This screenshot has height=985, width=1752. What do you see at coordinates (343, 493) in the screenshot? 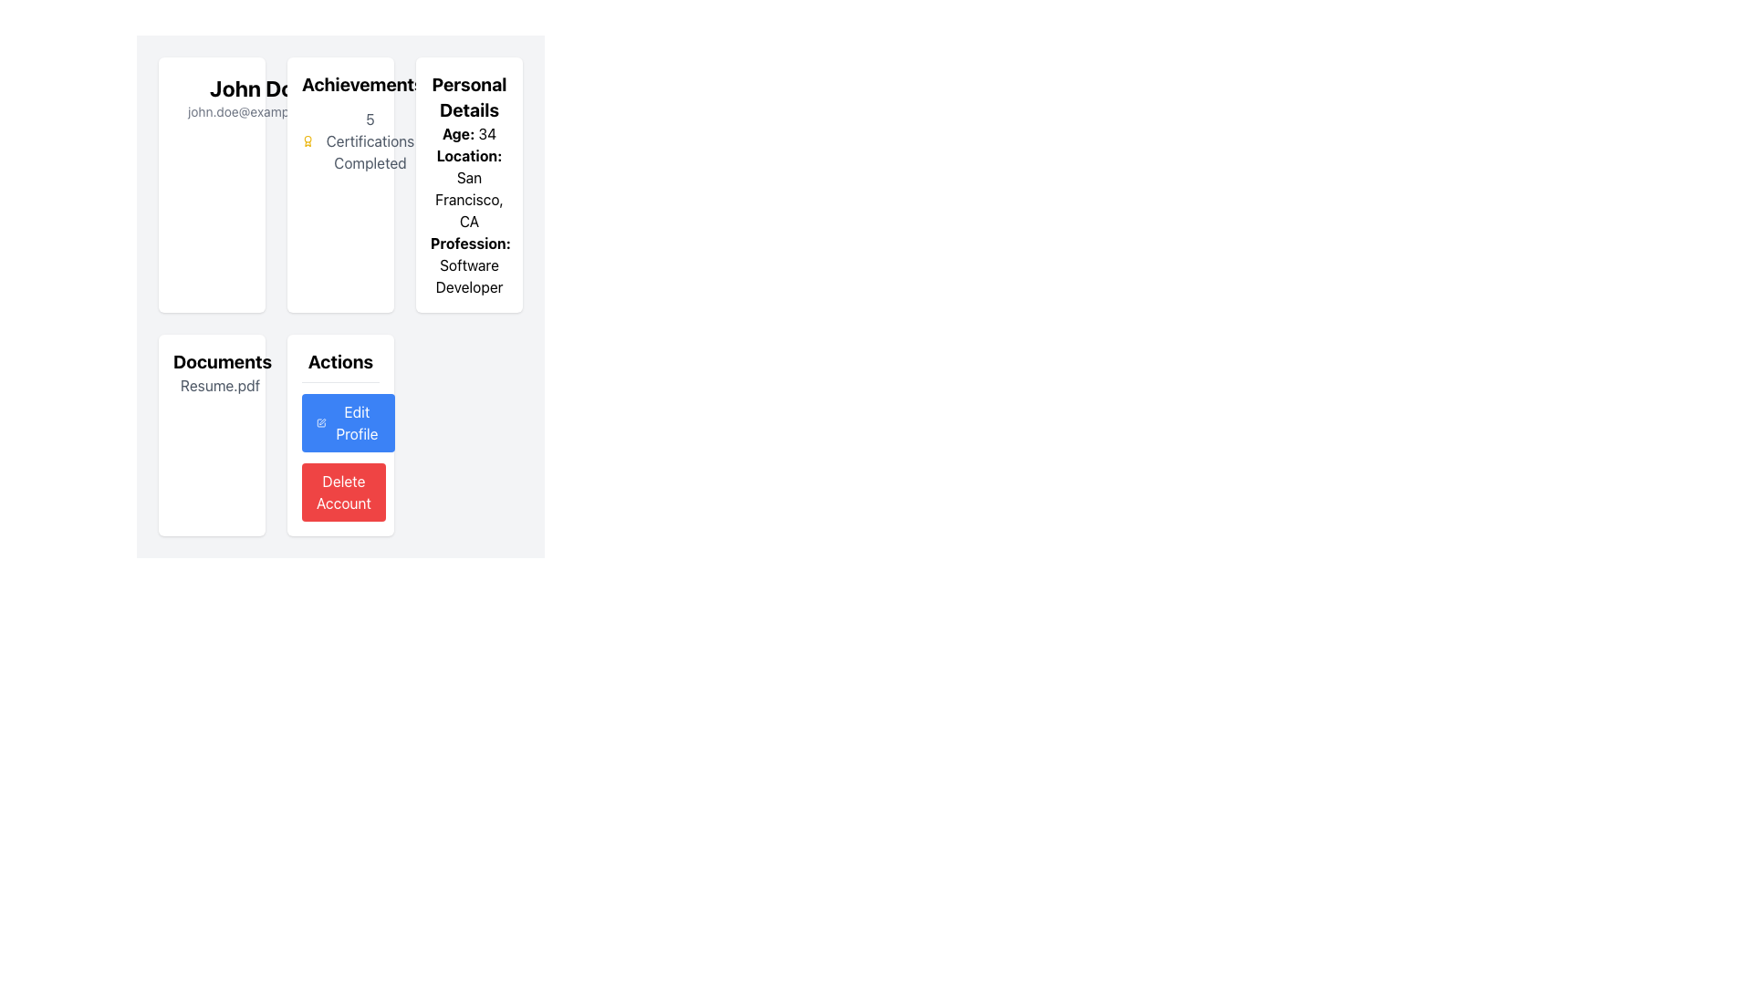
I see `text component displaying the phrase 'Delete Account' with a white font on a red background, located in the 'Actions' section beneath the 'Edit Profile' button` at bounding box center [343, 493].